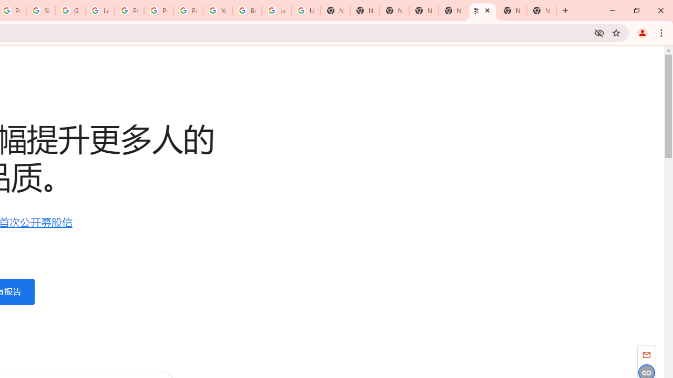 This screenshot has width=673, height=378. Describe the element at coordinates (217, 10) in the screenshot. I see `'YouTube'` at that location.